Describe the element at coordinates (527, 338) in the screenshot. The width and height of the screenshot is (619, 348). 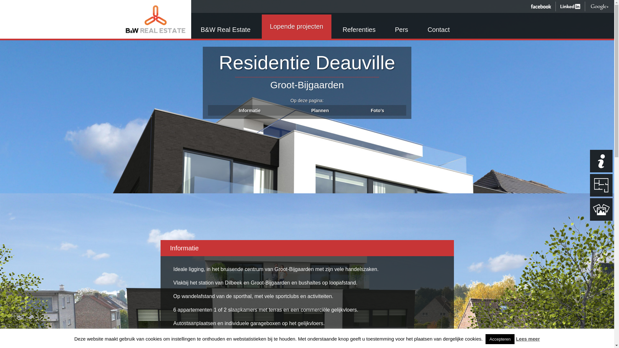
I see `'Lees meer'` at that location.